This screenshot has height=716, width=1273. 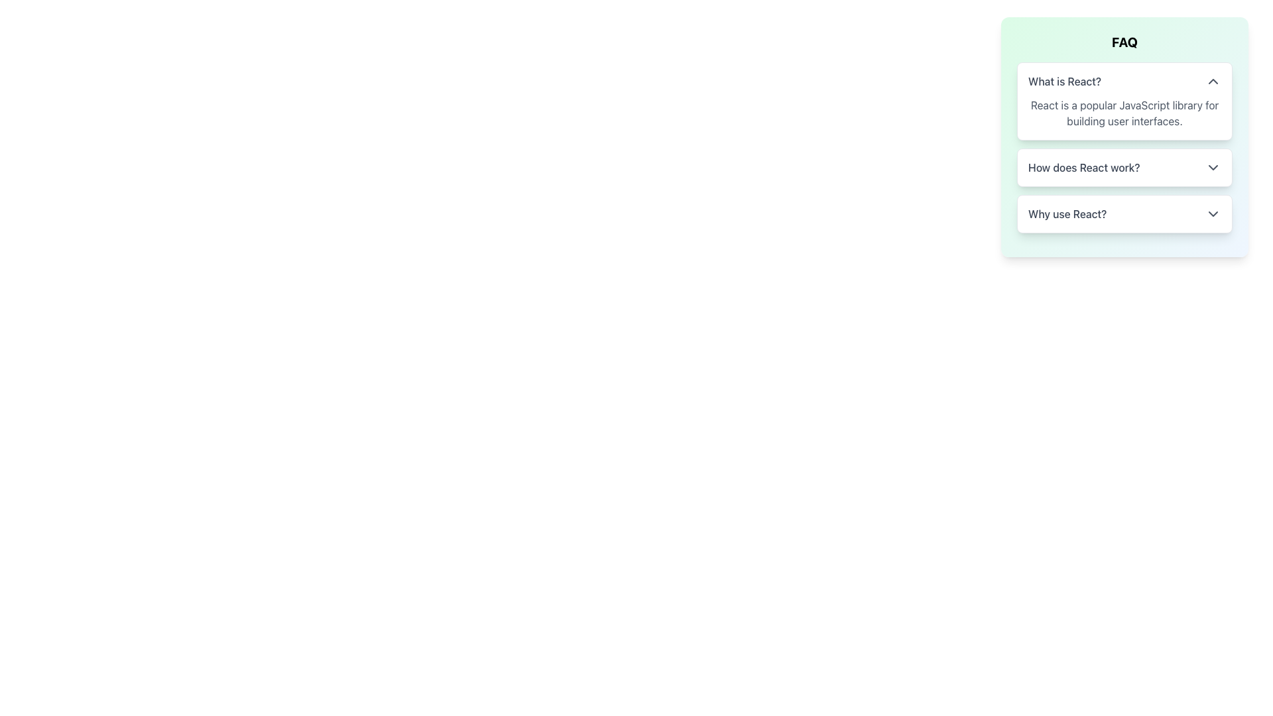 What do you see at coordinates (1213, 82) in the screenshot?
I see `the expansion/collapse icon located on the right-hand side of the FAQ section for the question 'What is React?'` at bounding box center [1213, 82].